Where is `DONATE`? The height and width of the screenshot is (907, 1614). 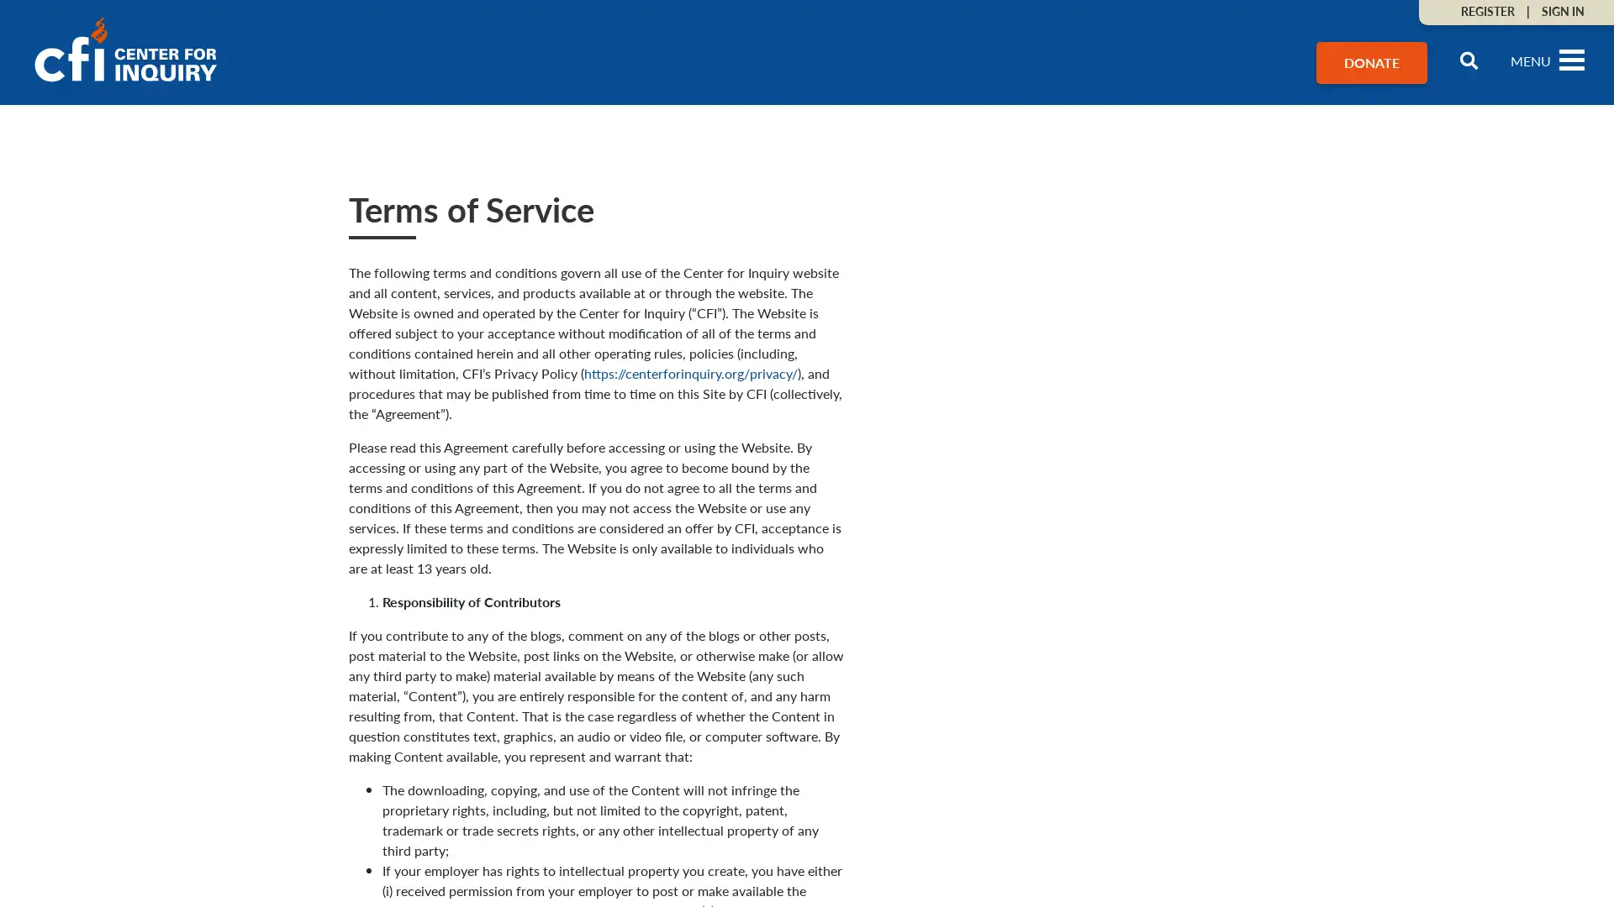
DONATE is located at coordinates (1372, 61).